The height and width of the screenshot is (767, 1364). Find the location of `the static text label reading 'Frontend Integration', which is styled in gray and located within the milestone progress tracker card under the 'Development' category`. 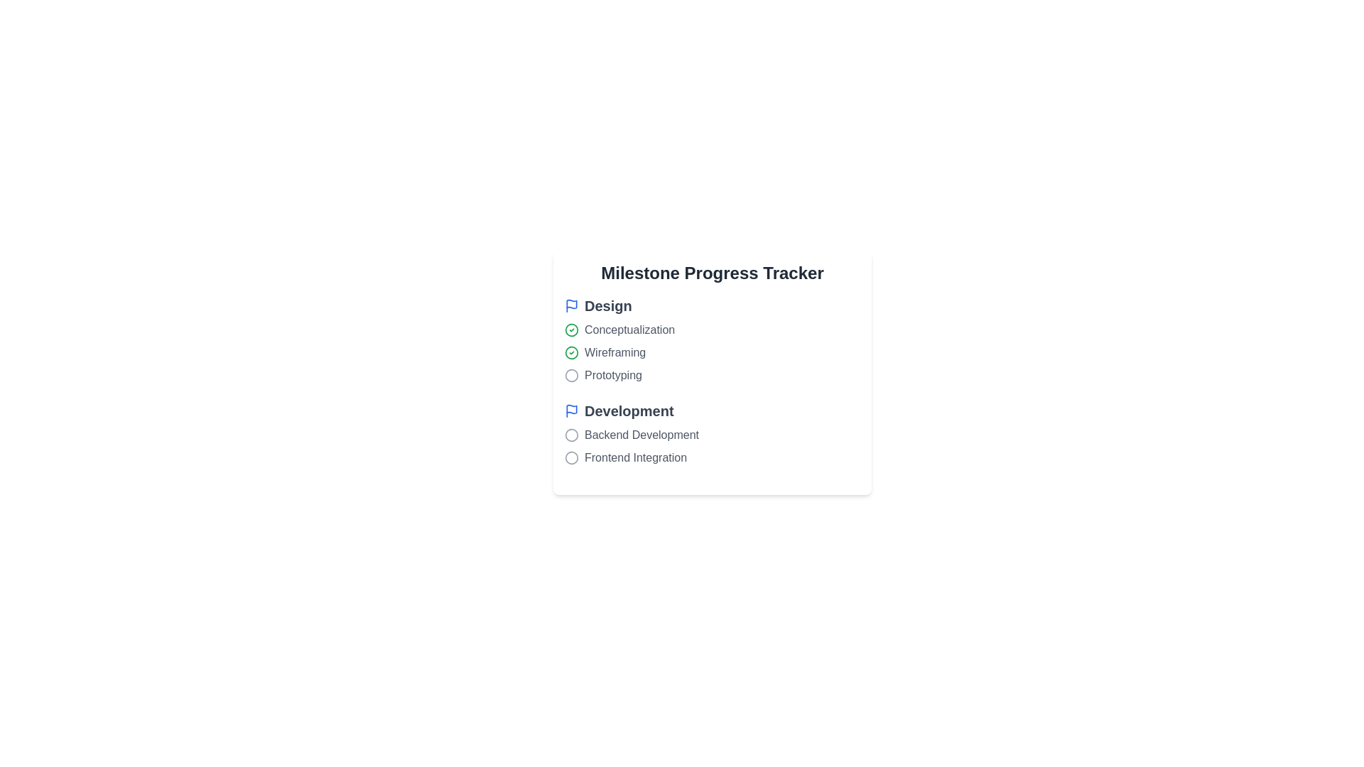

the static text label reading 'Frontend Integration', which is styled in gray and located within the milestone progress tracker card under the 'Development' category is located at coordinates (635, 457).